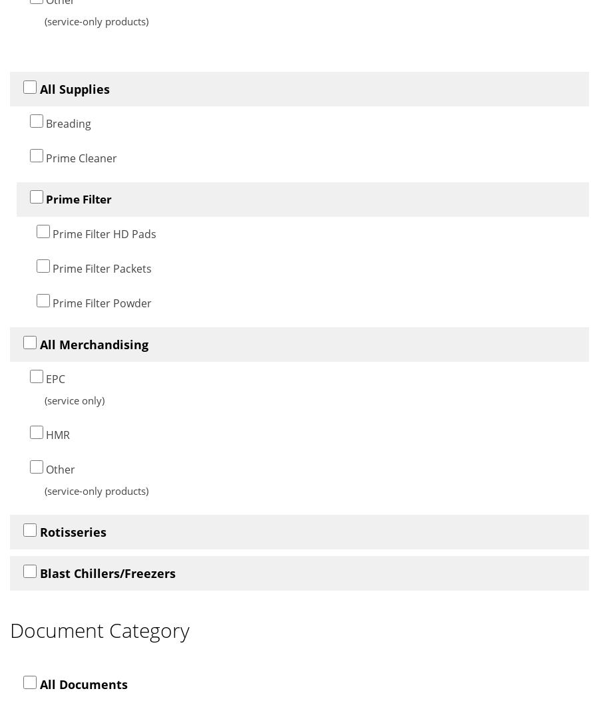 This screenshot has height=709, width=599. What do you see at coordinates (102, 233) in the screenshot?
I see `'Prime Filter HD Pads'` at bounding box center [102, 233].